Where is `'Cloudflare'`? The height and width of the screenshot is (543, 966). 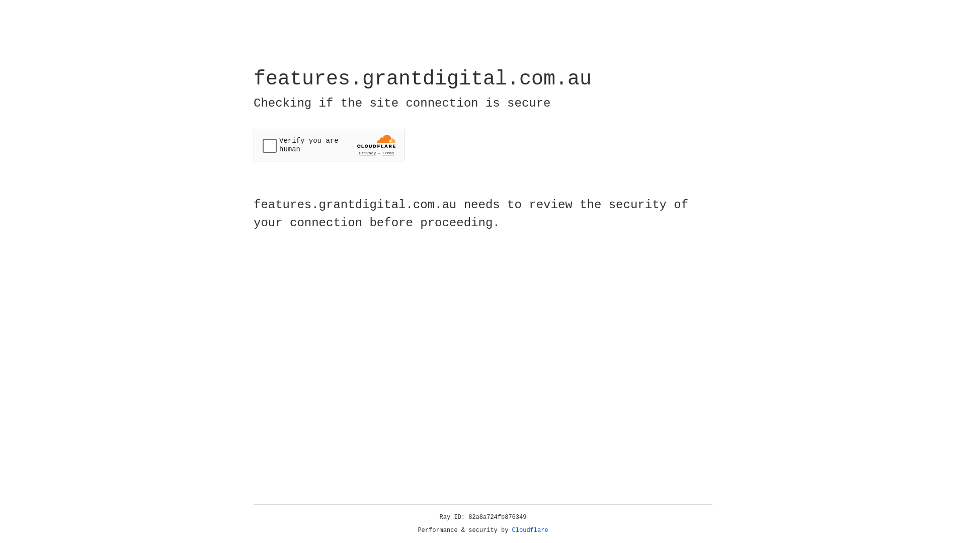
'Cloudflare' is located at coordinates (530, 530).